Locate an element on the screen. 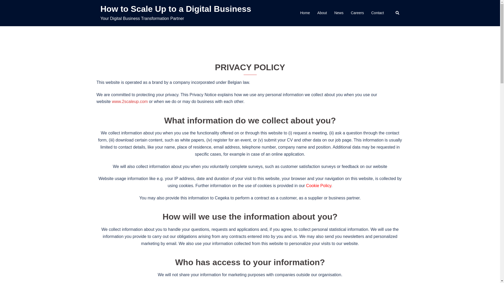 The height and width of the screenshot is (283, 504). 'www.2scaleup.com' is located at coordinates (130, 101).